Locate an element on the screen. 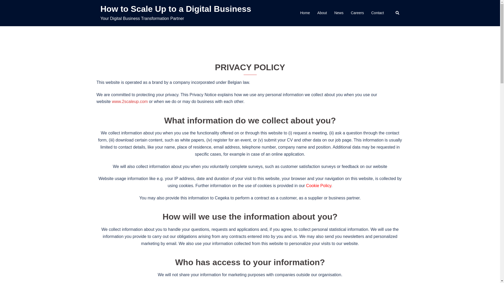 The height and width of the screenshot is (283, 504). 'www.2scaleup.com' is located at coordinates (130, 101).